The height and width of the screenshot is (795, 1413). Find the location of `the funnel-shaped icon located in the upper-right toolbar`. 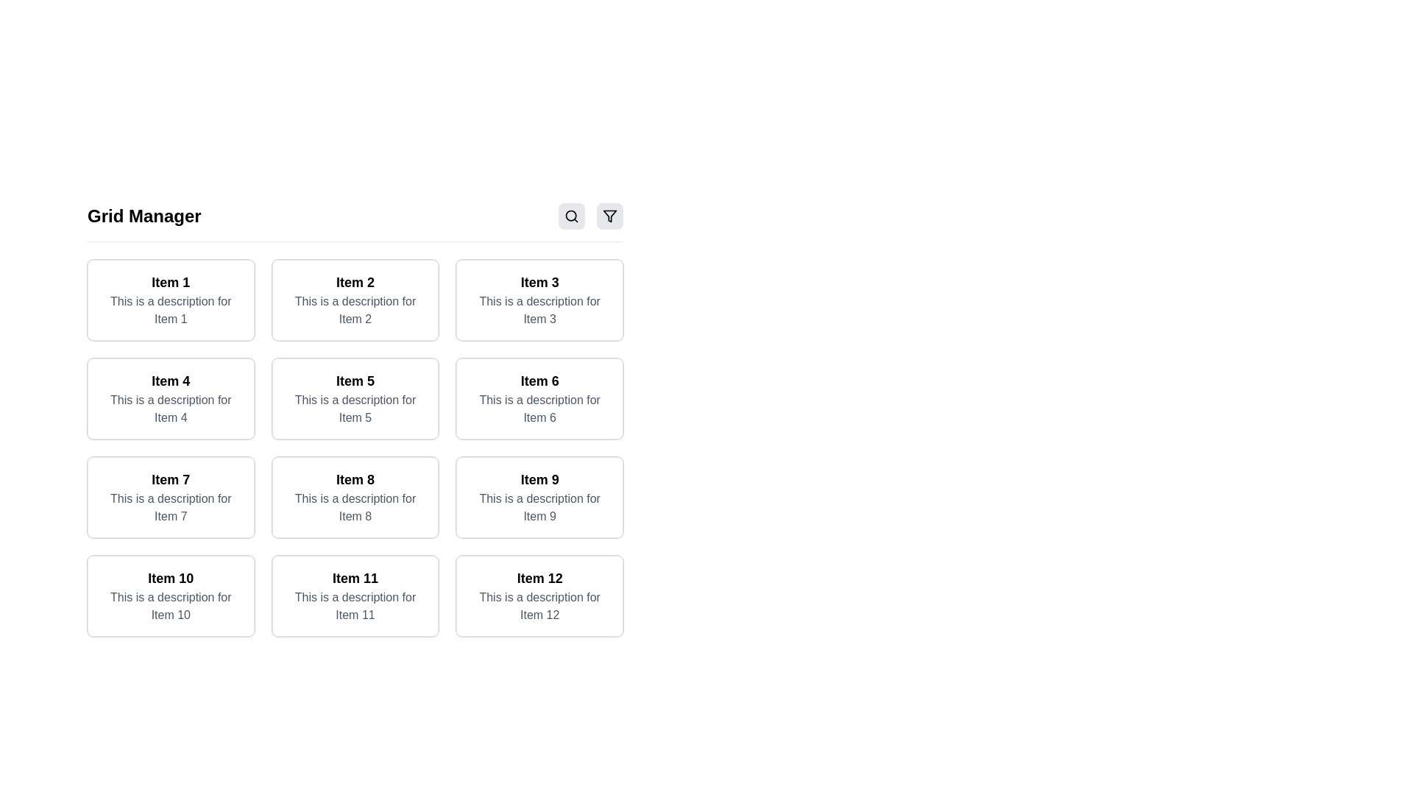

the funnel-shaped icon located in the upper-right toolbar is located at coordinates (610, 216).